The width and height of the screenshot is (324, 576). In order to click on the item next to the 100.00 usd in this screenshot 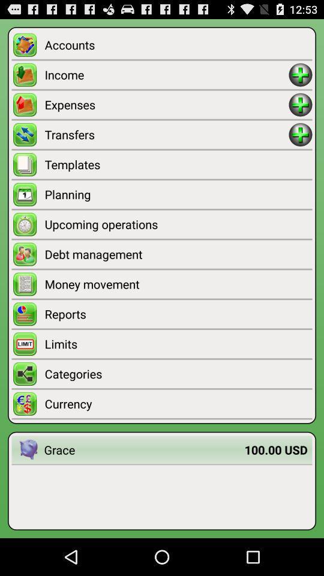, I will do `click(144, 449)`.